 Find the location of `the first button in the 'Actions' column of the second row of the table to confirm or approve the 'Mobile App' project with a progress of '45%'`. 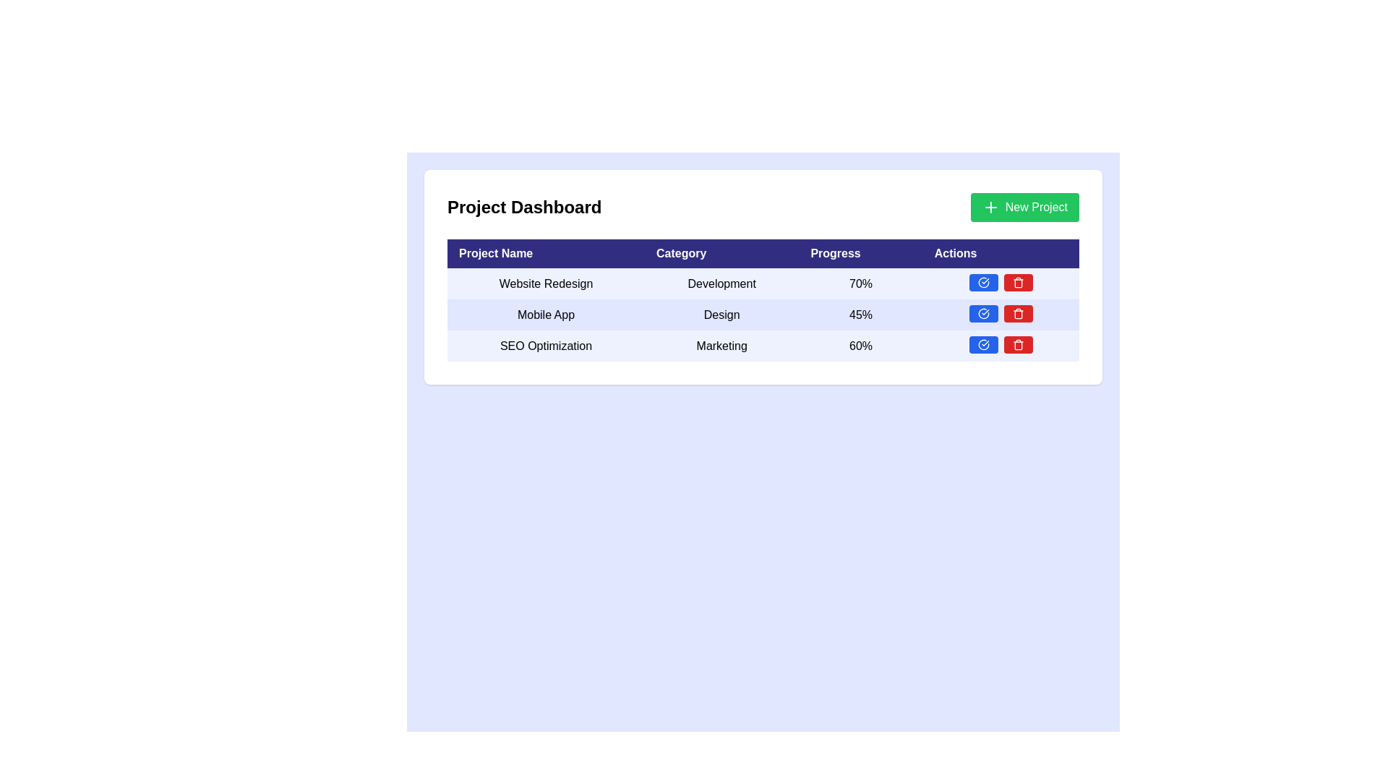

the first button in the 'Actions' column of the second row of the table to confirm or approve the 'Mobile App' project with a progress of '45%' is located at coordinates (983, 313).